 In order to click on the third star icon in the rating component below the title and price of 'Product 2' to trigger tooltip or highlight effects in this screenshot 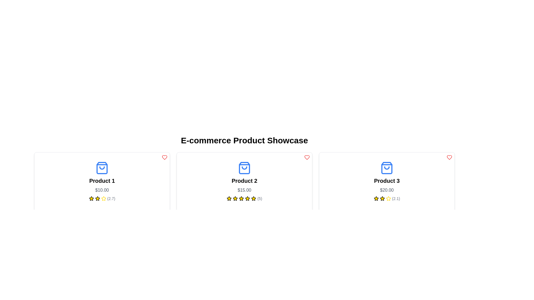, I will do `click(253, 198)`.